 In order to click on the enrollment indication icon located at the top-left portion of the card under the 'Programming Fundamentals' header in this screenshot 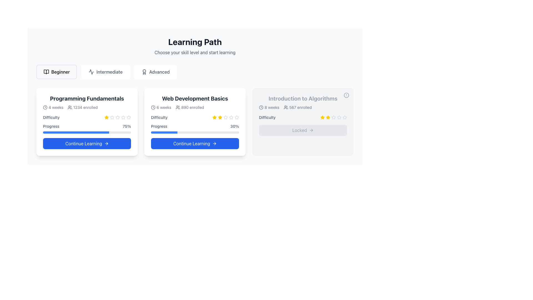, I will do `click(70, 107)`.